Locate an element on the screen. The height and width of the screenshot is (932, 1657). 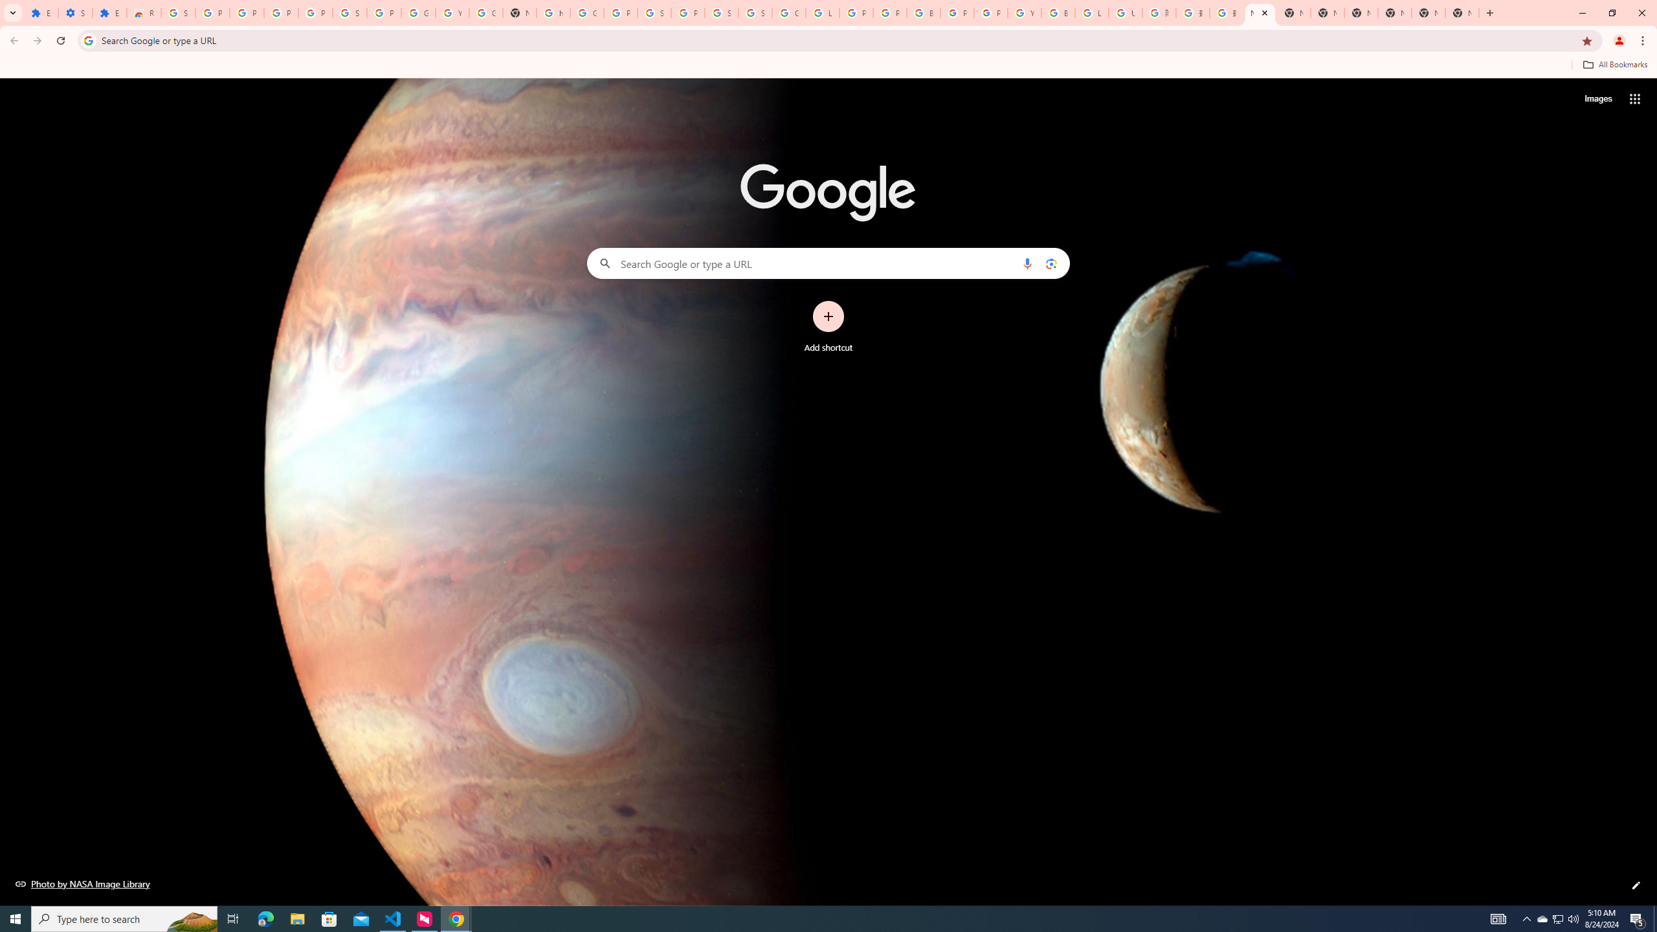
'Extensions' is located at coordinates (108, 12).